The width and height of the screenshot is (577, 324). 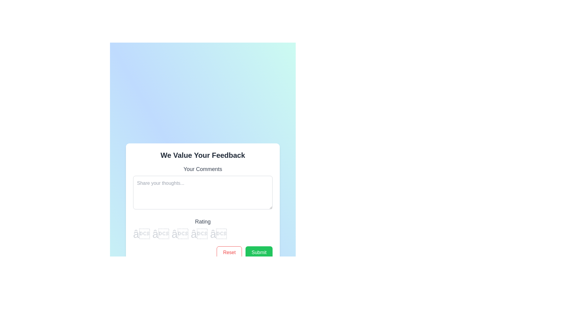 What do you see at coordinates (141, 234) in the screenshot?
I see `the first star button in the Rating section` at bounding box center [141, 234].